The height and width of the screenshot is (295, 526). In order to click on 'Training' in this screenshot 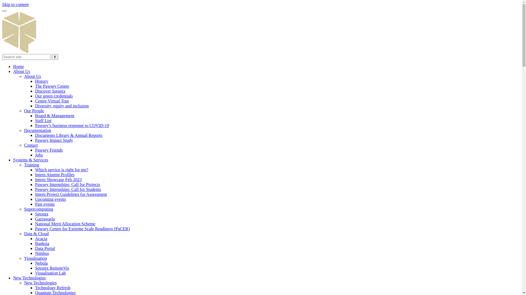, I will do `click(31, 164)`.